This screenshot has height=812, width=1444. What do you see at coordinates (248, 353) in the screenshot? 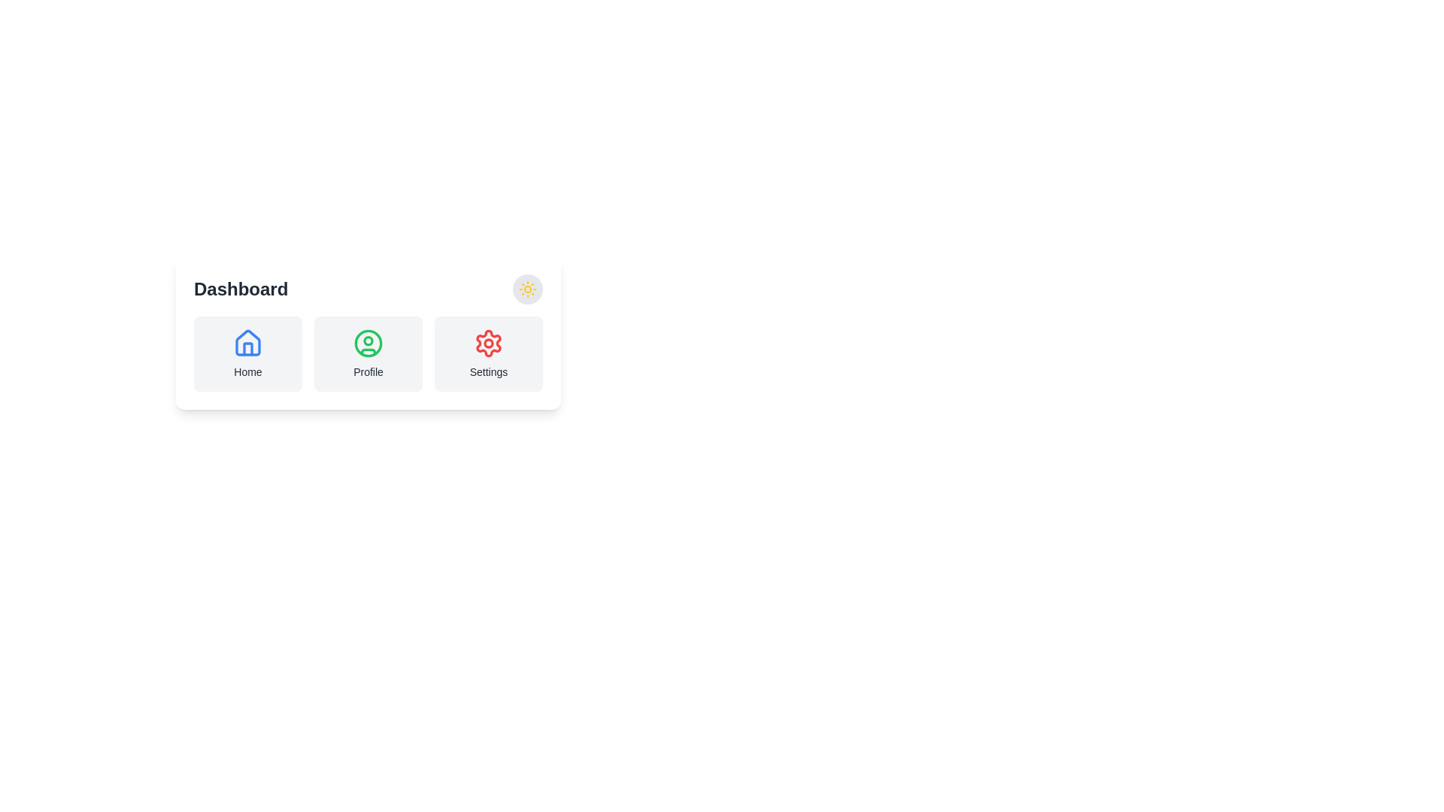
I see `the 'Home' navigation button, which is the leftmost item in a 3-column grid layout` at bounding box center [248, 353].